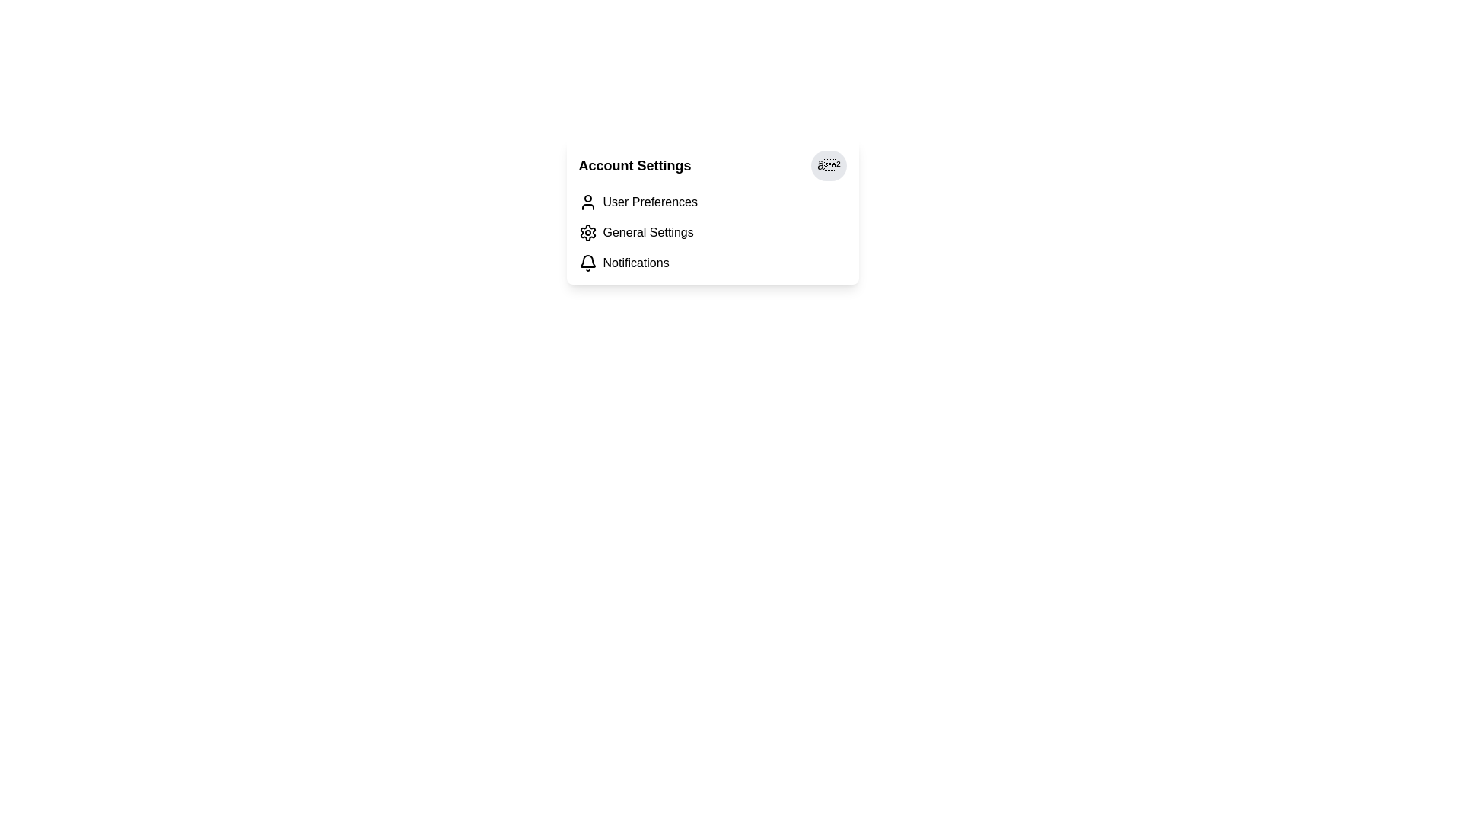 The height and width of the screenshot is (822, 1461). What do you see at coordinates (650, 202) in the screenshot?
I see `the 'User Preferences' label, which is a bold black text label positioned directly below the 'Account Settings' heading and adjacent to a user icon` at bounding box center [650, 202].